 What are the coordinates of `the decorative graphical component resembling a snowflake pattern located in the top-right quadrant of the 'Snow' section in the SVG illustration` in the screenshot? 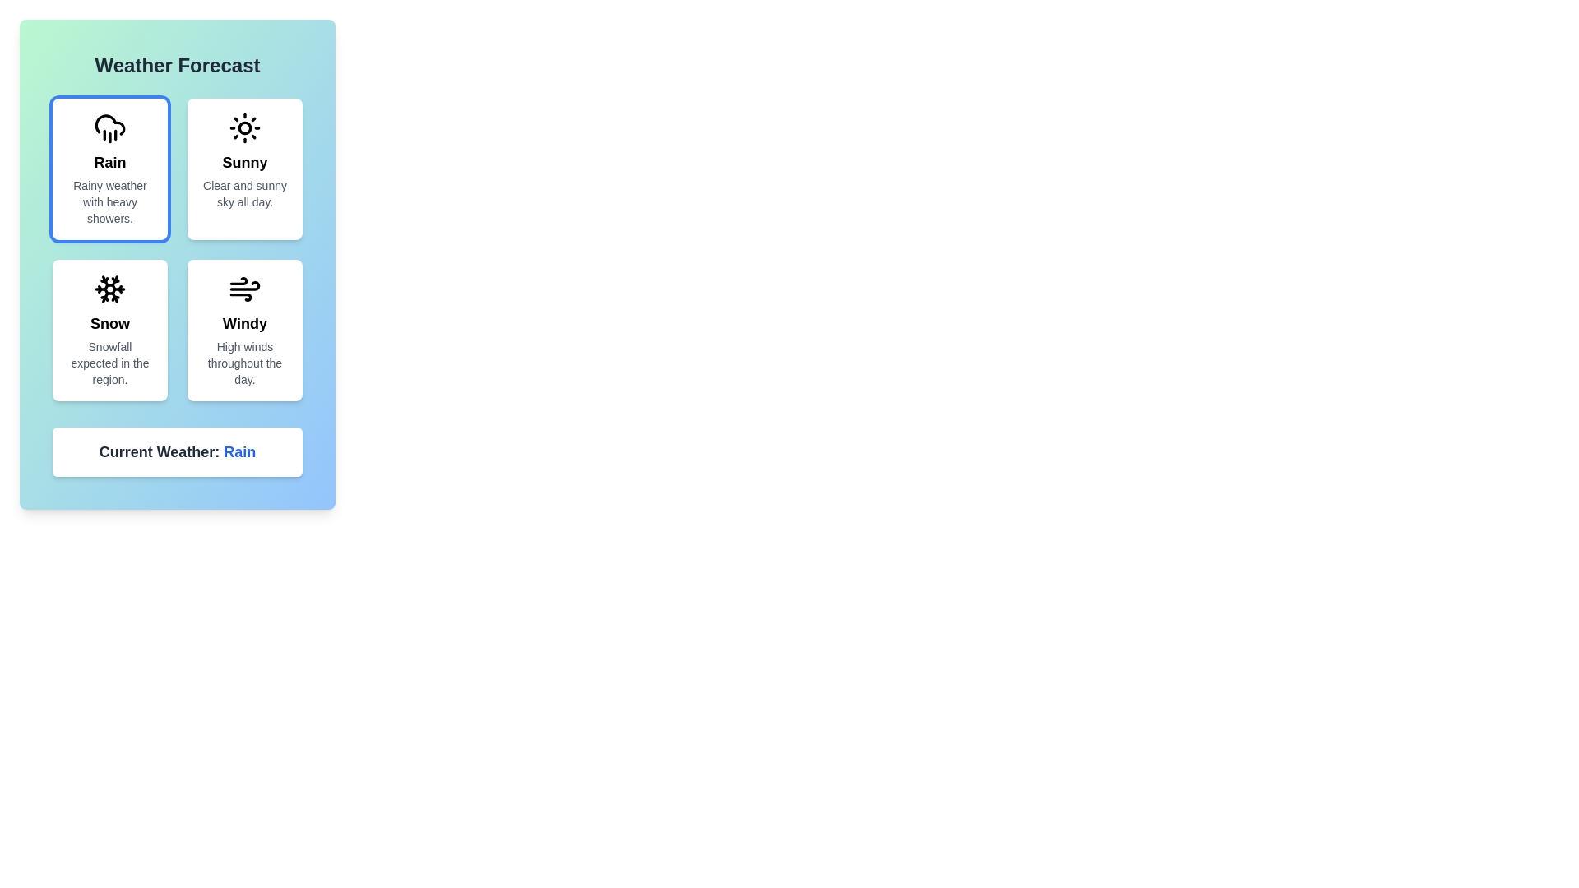 It's located at (113, 282).